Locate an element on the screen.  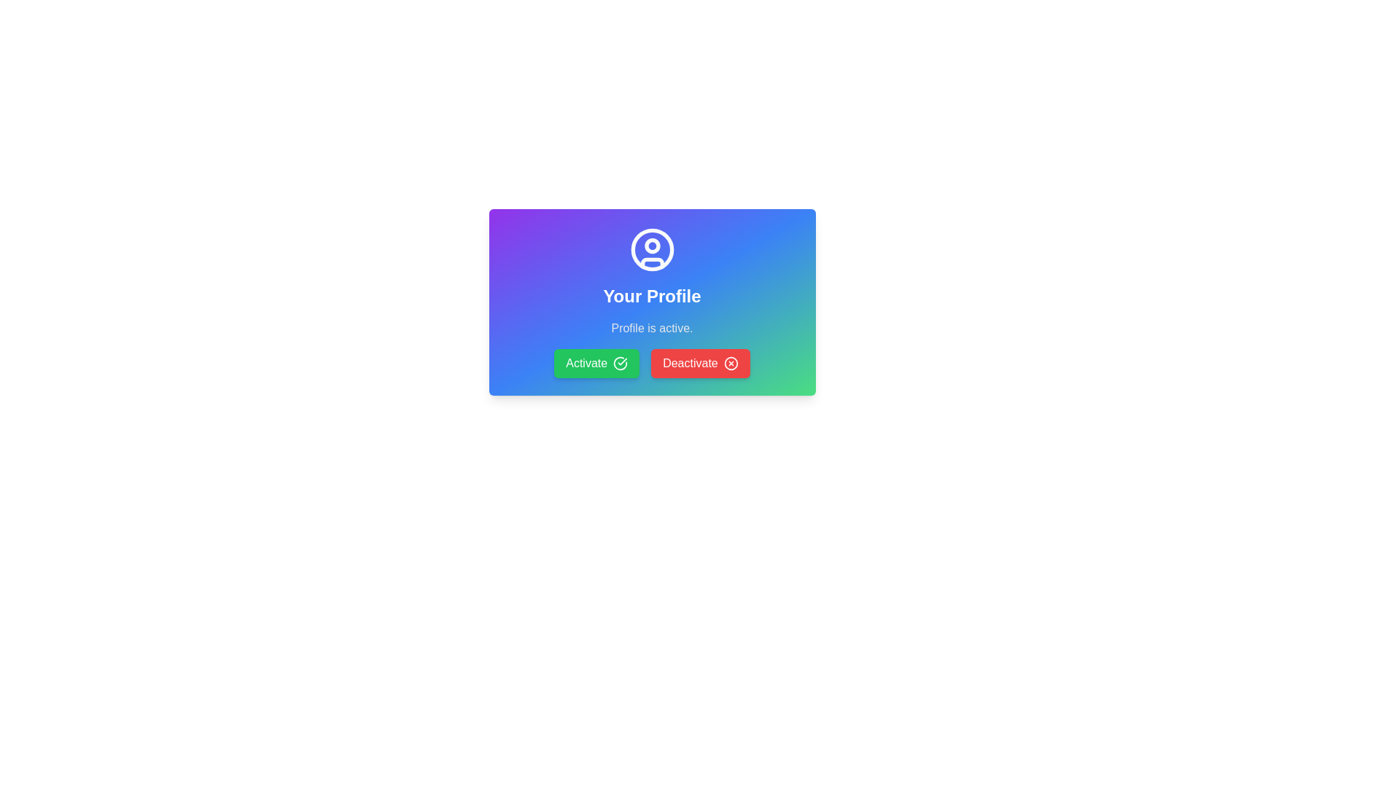
the circular check icon embedded within the green 'Activate' button, which is positioned to the left side of the 'Deactivate' button is located at coordinates (621, 362).